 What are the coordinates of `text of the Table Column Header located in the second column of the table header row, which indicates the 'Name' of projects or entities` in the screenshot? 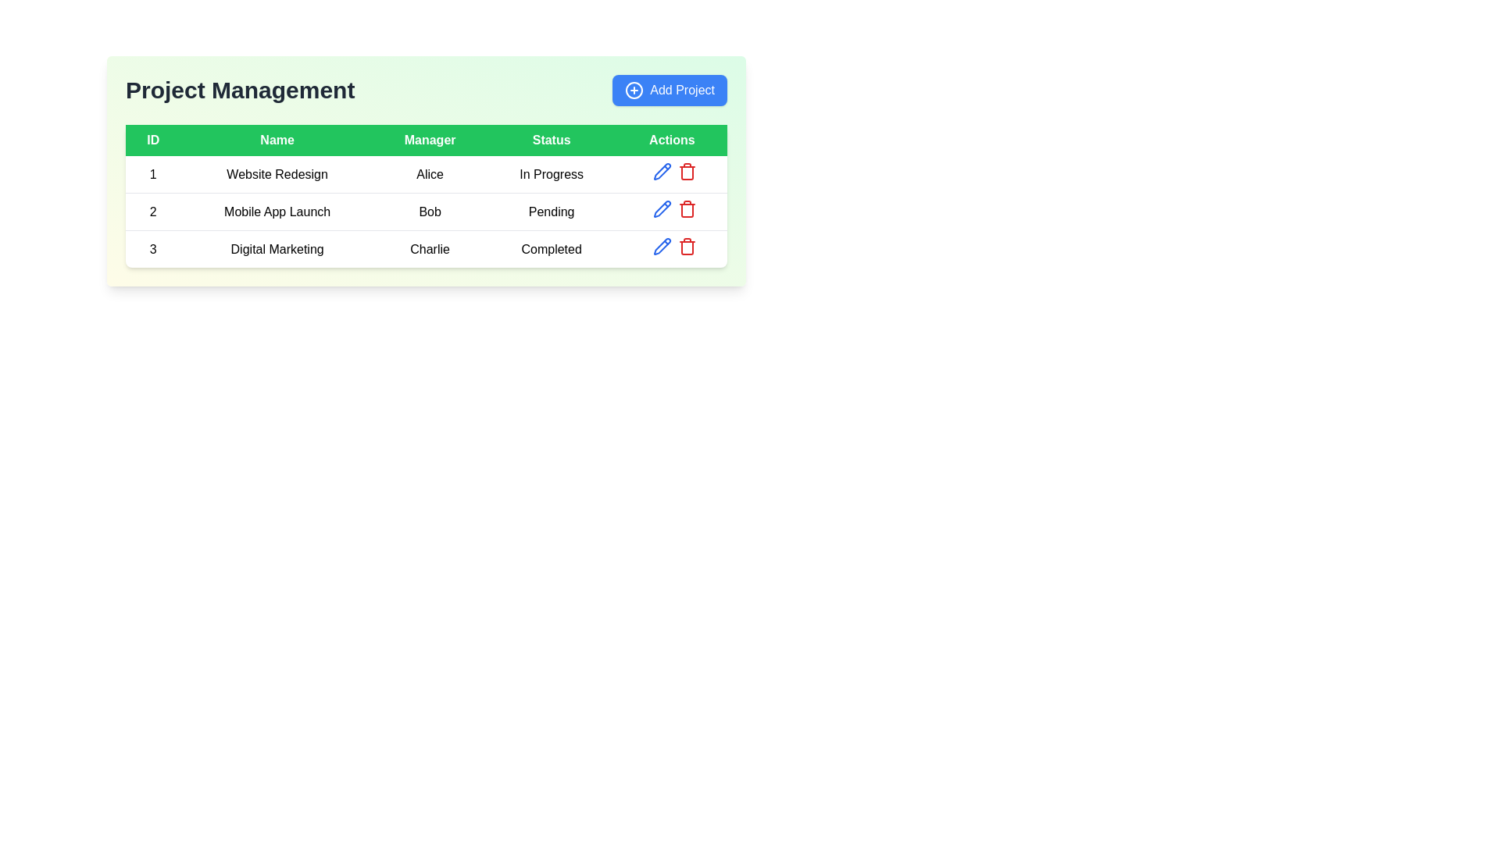 It's located at (277, 140).